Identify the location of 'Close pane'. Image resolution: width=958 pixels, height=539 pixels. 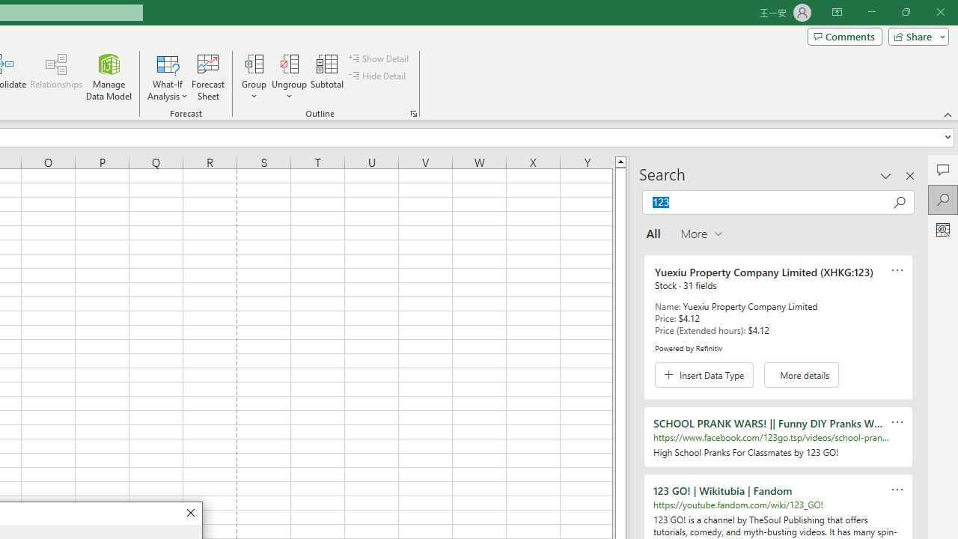
(909, 175).